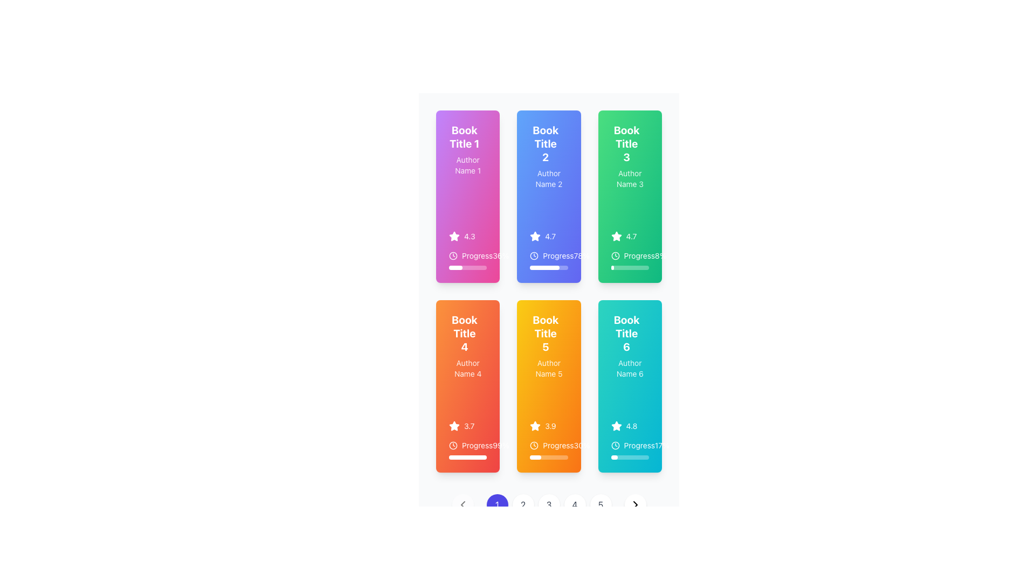  I want to click on the star icon representing user feedback or preference to interact with the rating, so click(535, 235).